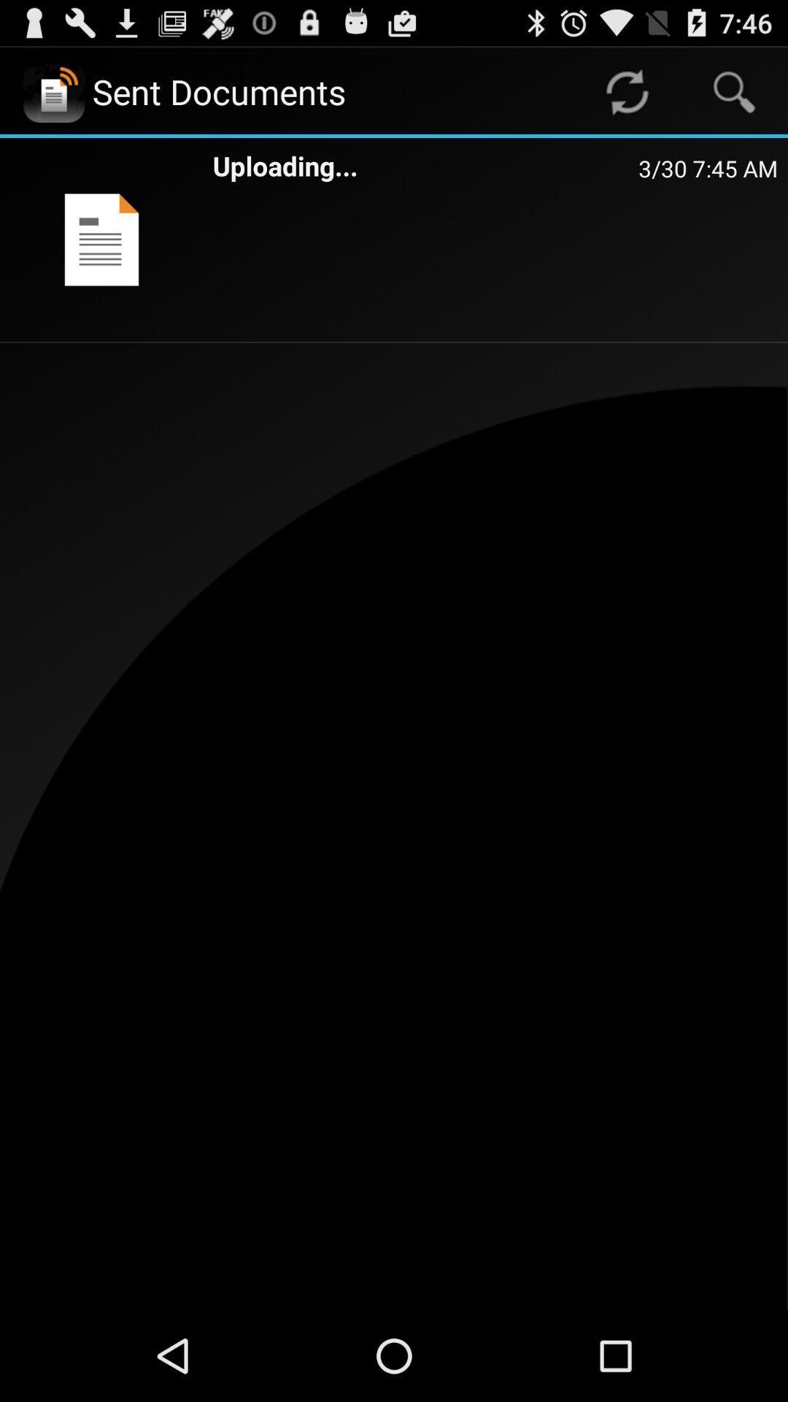 Image resolution: width=788 pixels, height=1402 pixels. Describe the element at coordinates (626, 91) in the screenshot. I see `app above uploading... icon` at that location.